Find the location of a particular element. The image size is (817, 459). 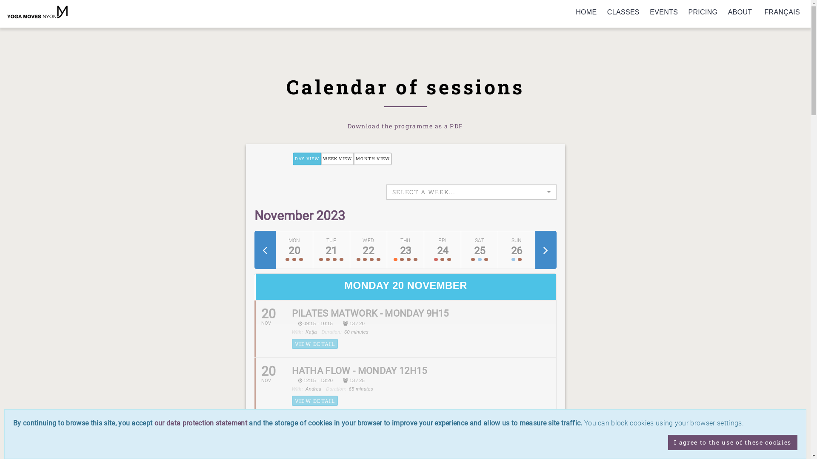

'EVENTS' is located at coordinates (663, 12).